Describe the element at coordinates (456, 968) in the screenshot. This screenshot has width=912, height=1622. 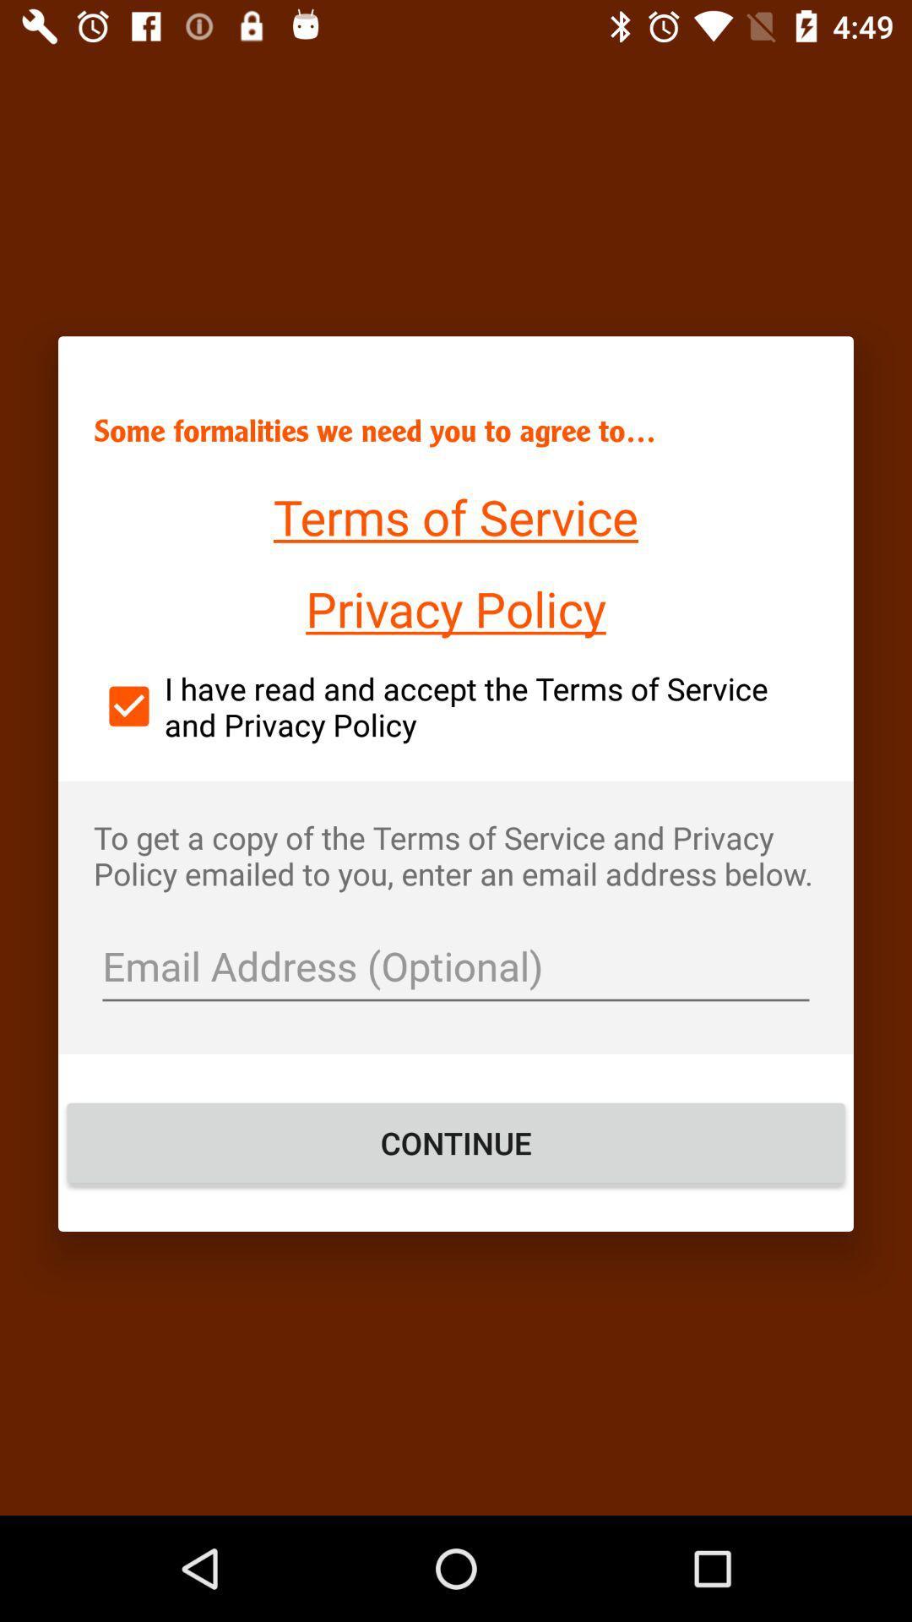
I see `put in email address` at that location.